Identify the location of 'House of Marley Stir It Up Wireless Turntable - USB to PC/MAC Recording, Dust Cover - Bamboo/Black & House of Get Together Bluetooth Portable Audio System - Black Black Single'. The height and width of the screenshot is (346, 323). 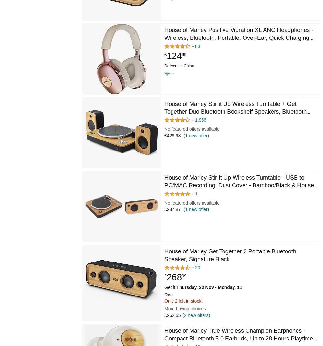
(164, 189).